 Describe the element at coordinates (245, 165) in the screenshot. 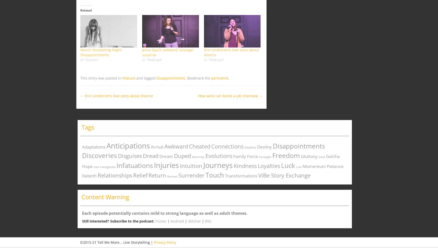

I see `'Kindness'` at that location.